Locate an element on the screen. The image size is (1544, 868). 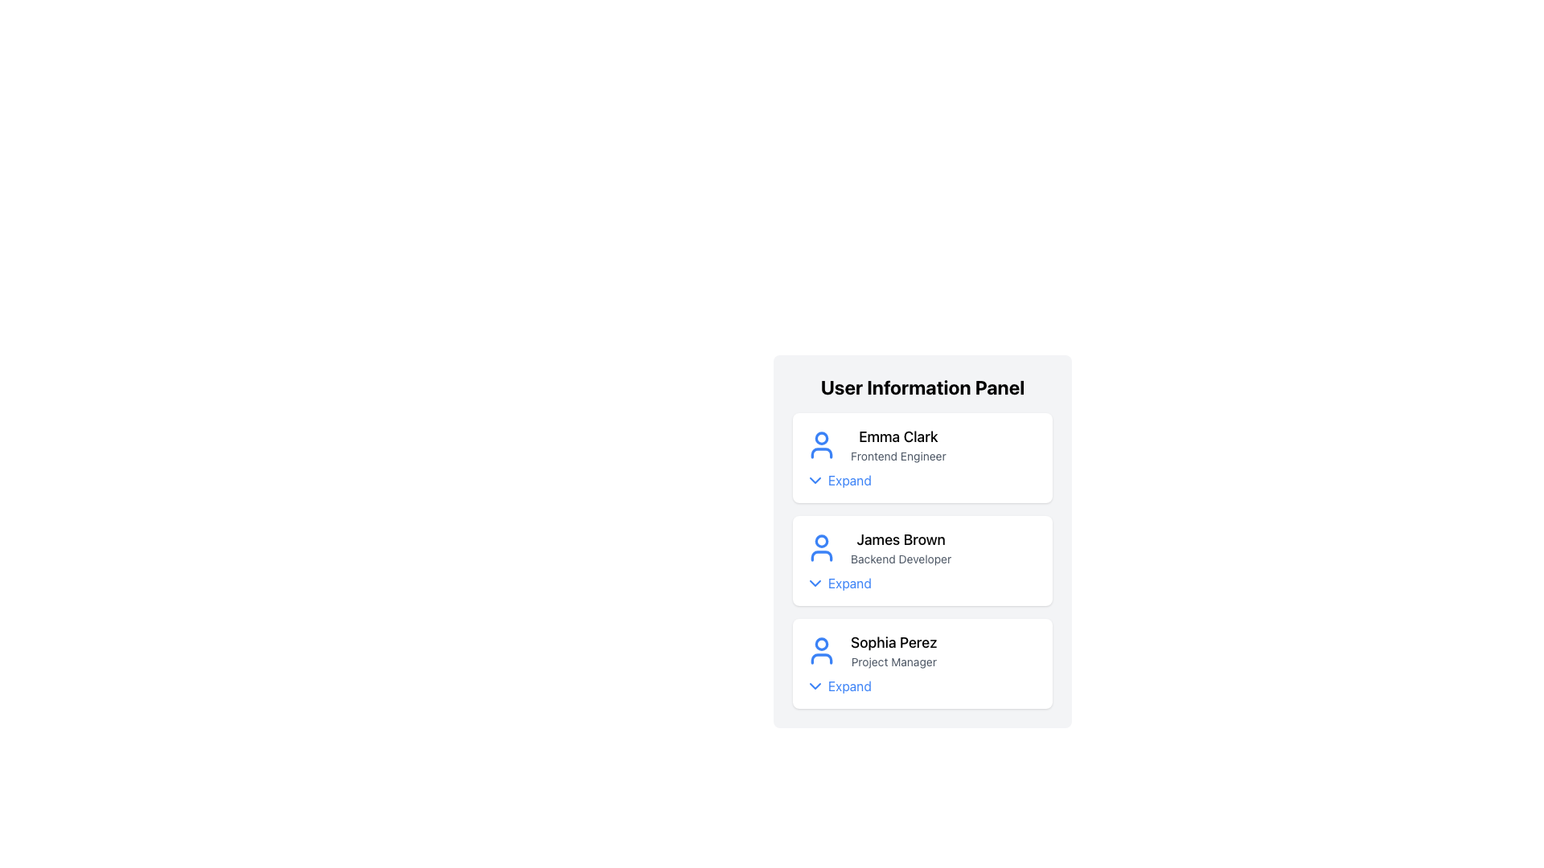
the small circular user profile icon representing 'Sophia Perez - Project Manager' in the User Information Panel, located at the top of the respective card is located at coordinates (822, 643).